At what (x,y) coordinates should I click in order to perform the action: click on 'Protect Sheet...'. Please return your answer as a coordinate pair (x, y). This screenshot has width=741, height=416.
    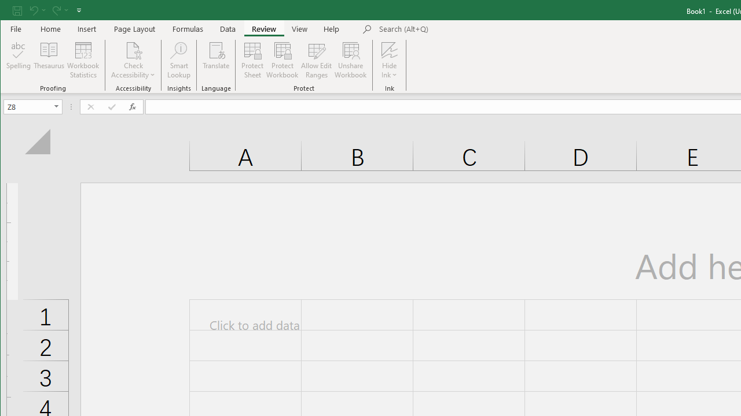
    Looking at the image, I should click on (252, 60).